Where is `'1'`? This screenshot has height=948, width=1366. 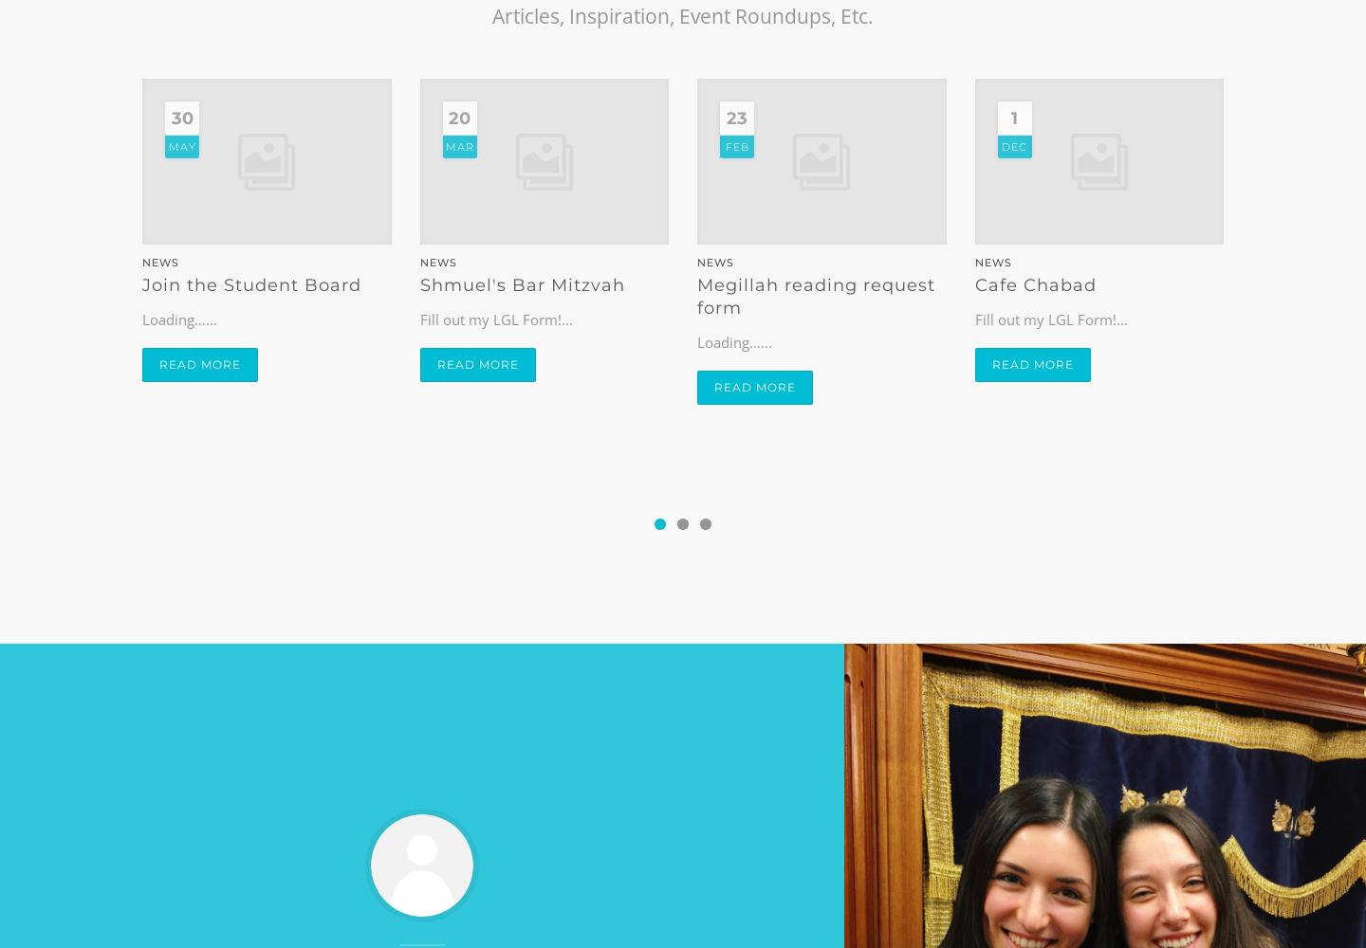
'1' is located at coordinates (1014, 118).